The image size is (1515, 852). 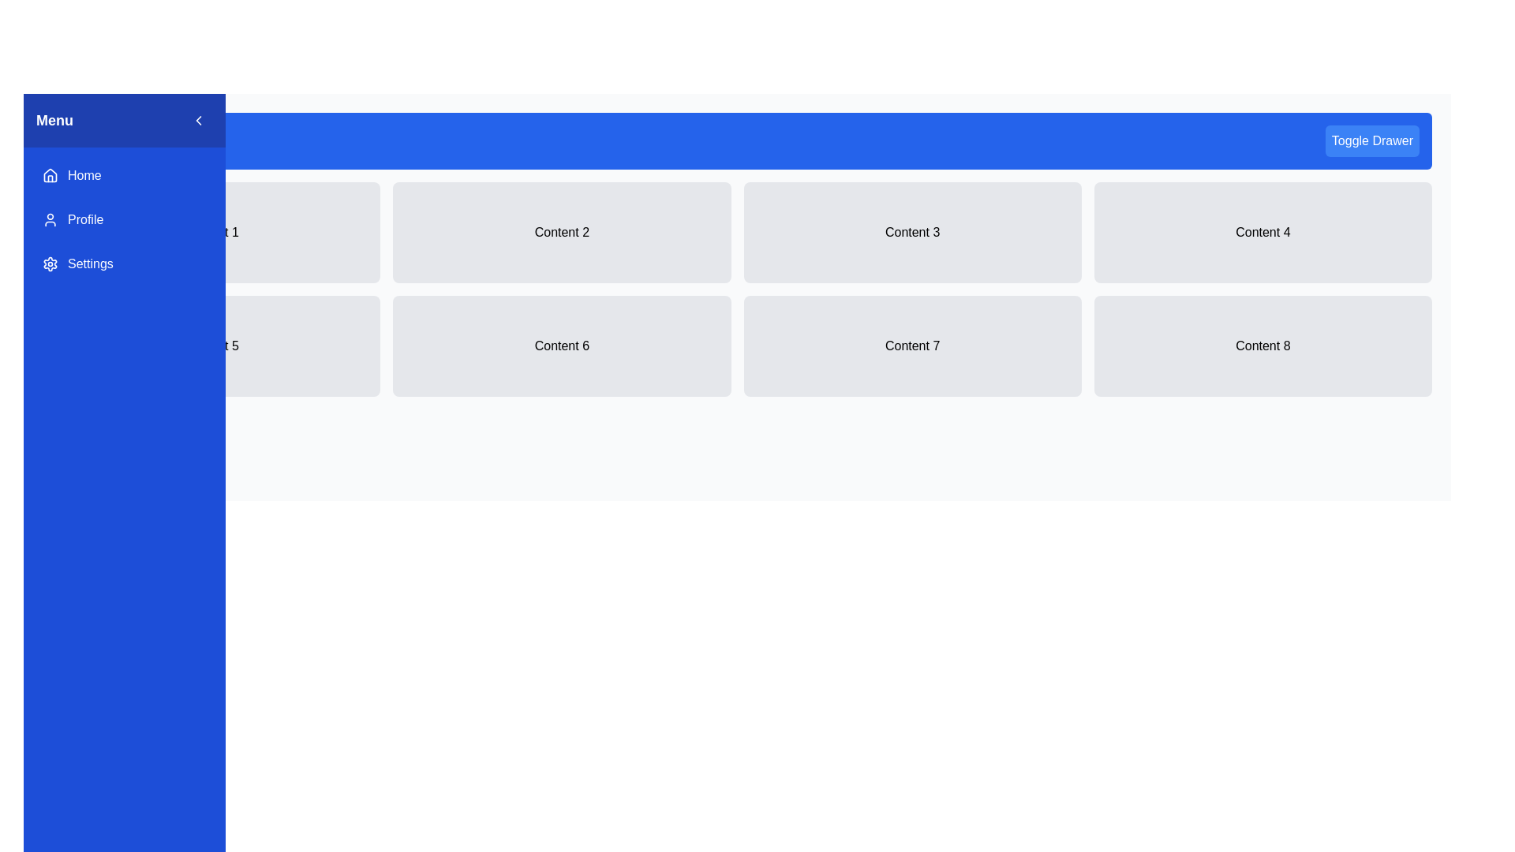 I want to click on the 'Home' button in the sidebar navigation to observe its hover effects, so click(x=124, y=176).